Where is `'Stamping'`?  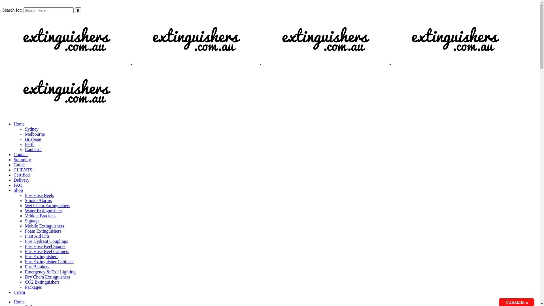 'Stamping' is located at coordinates (22, 160).